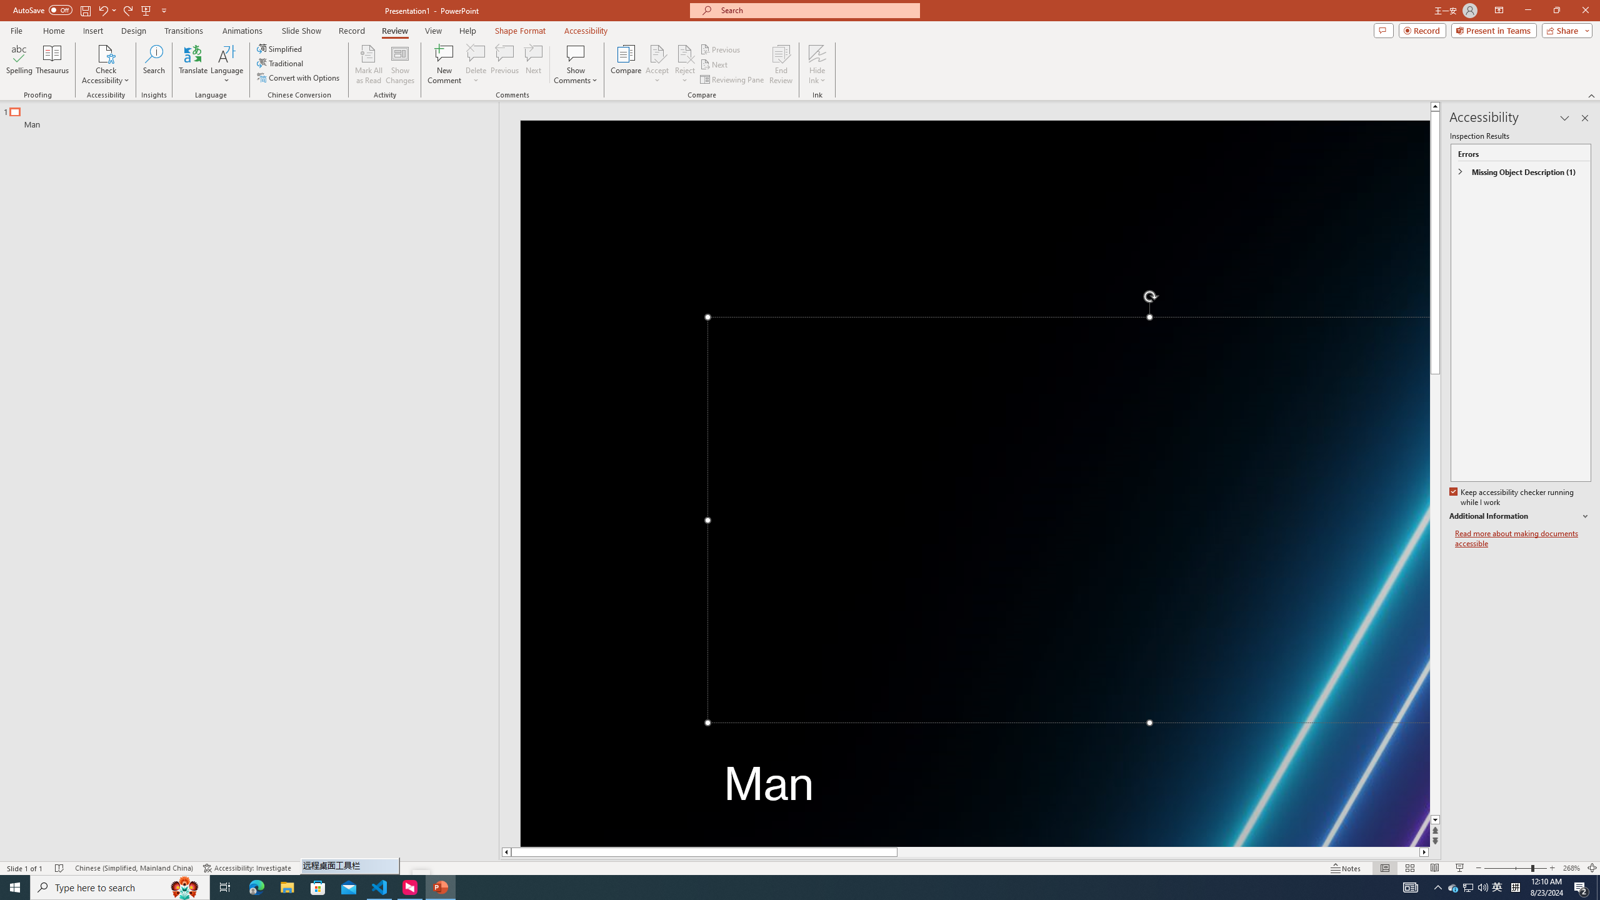 The image size is (1600, 900). What do you see at coordinates (369, 64) in the screenshot?
I see `'Mark All as Read'` at bounding box center [369, 64].